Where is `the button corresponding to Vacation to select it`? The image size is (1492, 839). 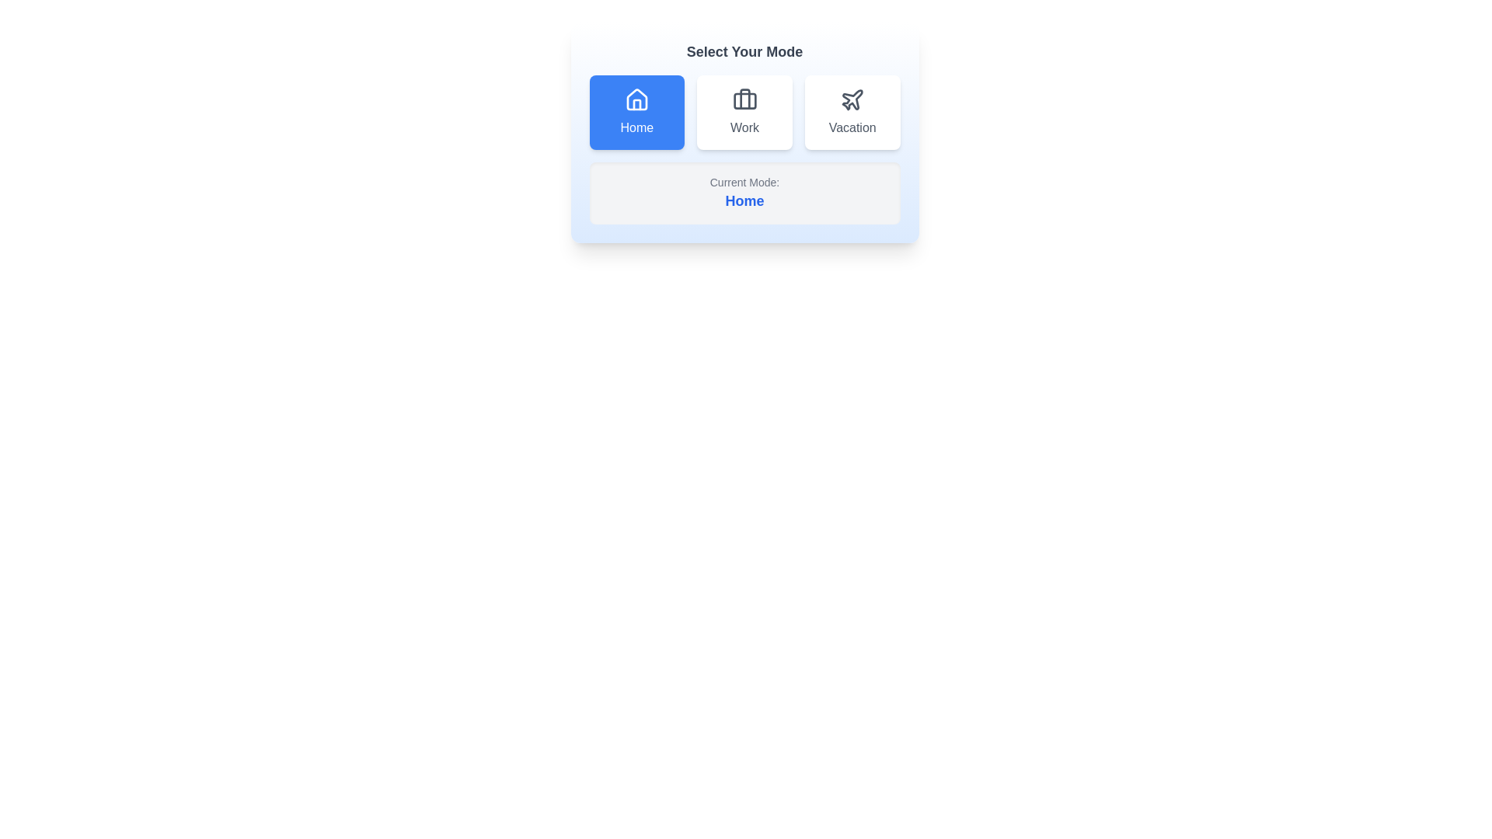
the button corresponding to Vacation to select it is located at coordinates (852, 112).